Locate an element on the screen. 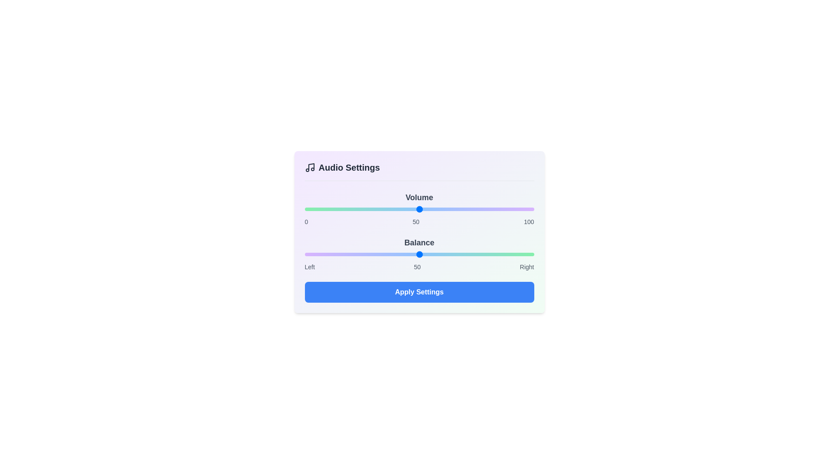  the volume level is located at coordinates (518, 209).